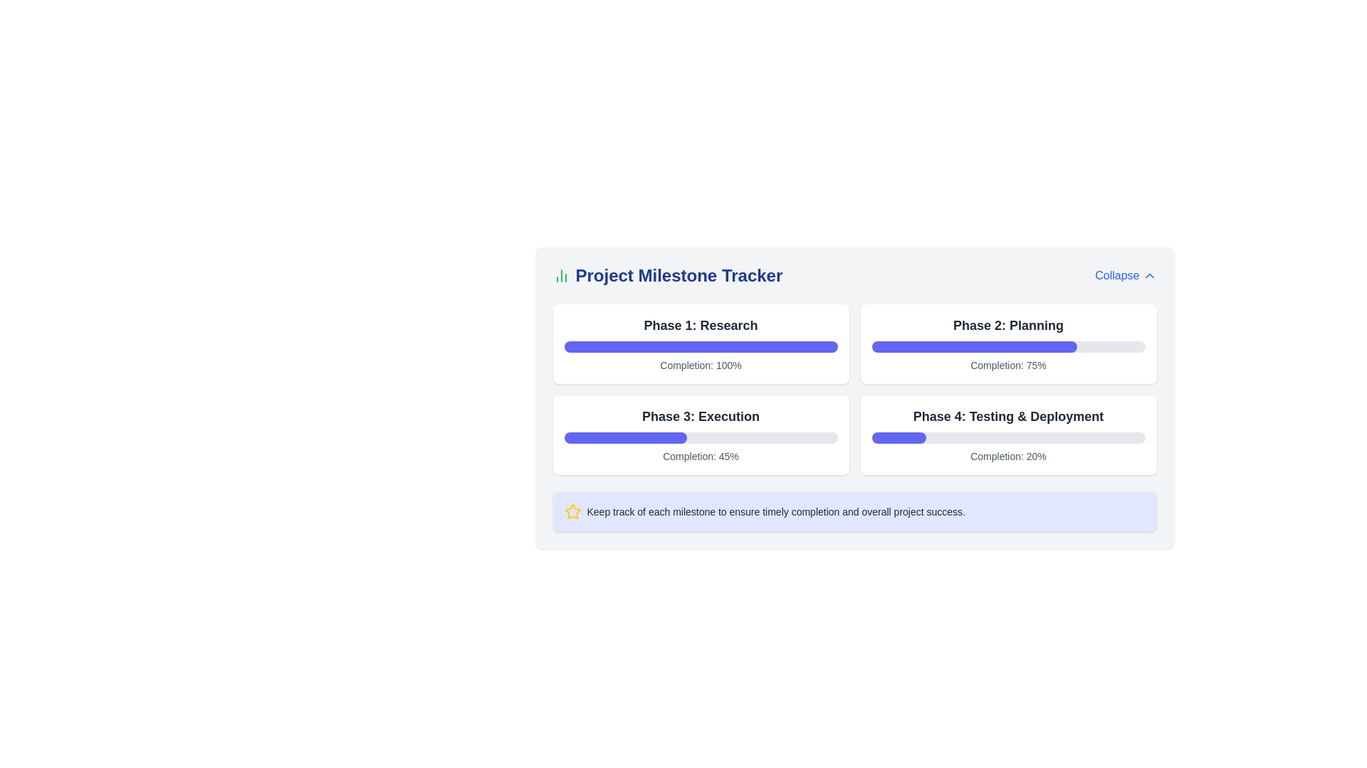 This screenshot has width=1367, height=768. What do you see at coordinates (1007, 416) in the screenshot?
I see `the Text Label that serves as the primary title for the Phase 4 section of the Project Milestone Tracker, located at the top of the card in the bottom-right corner` at bounding box center [1007, 416].